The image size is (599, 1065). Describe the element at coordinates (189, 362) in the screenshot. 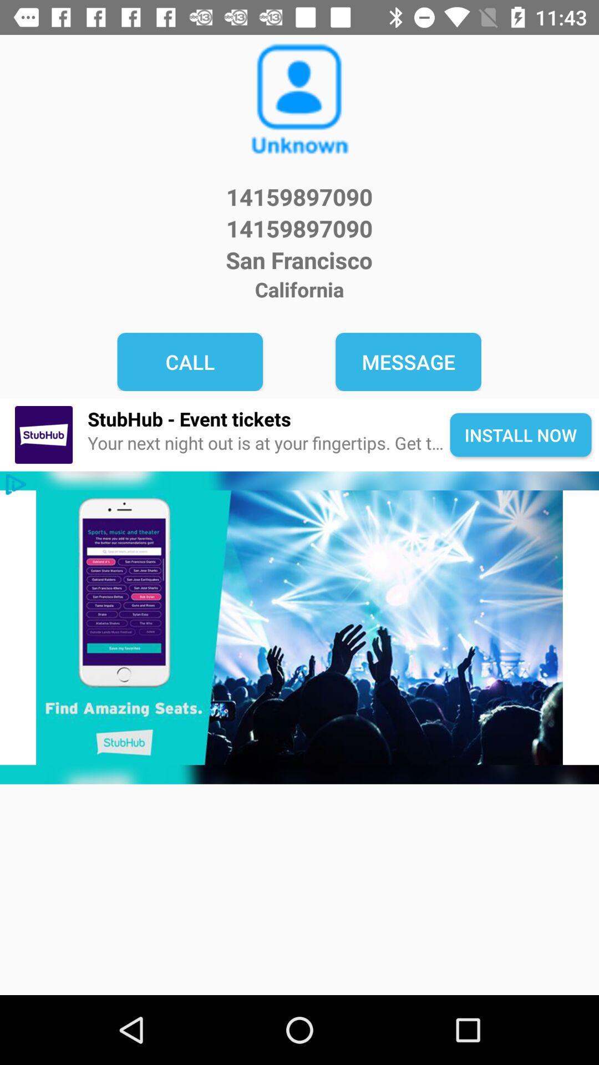

I see `the item above the stubhub - event tickets` at that location.